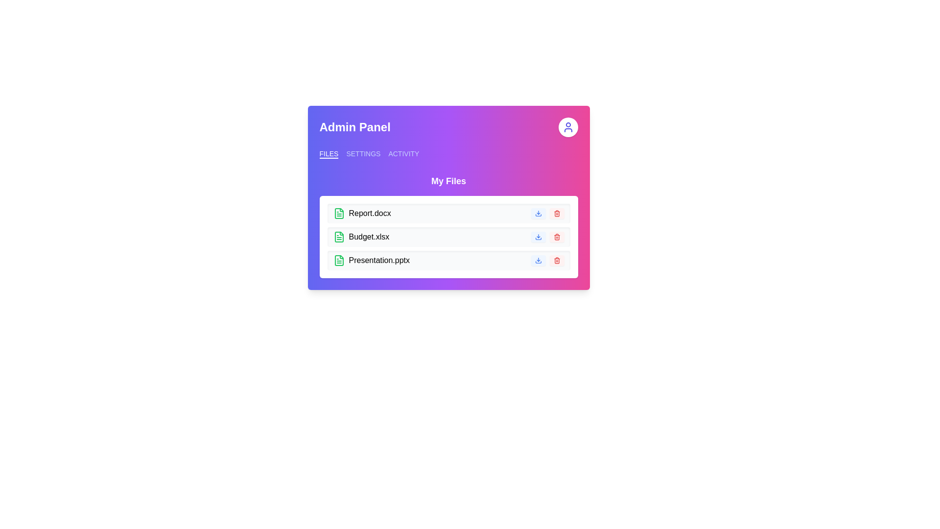  What do you see at coordinates (404, 153) in the screenshot?
I see `the navigation link labeled 'ACTIVITY' to trigger style transitions` at bounding box center [404, 153].